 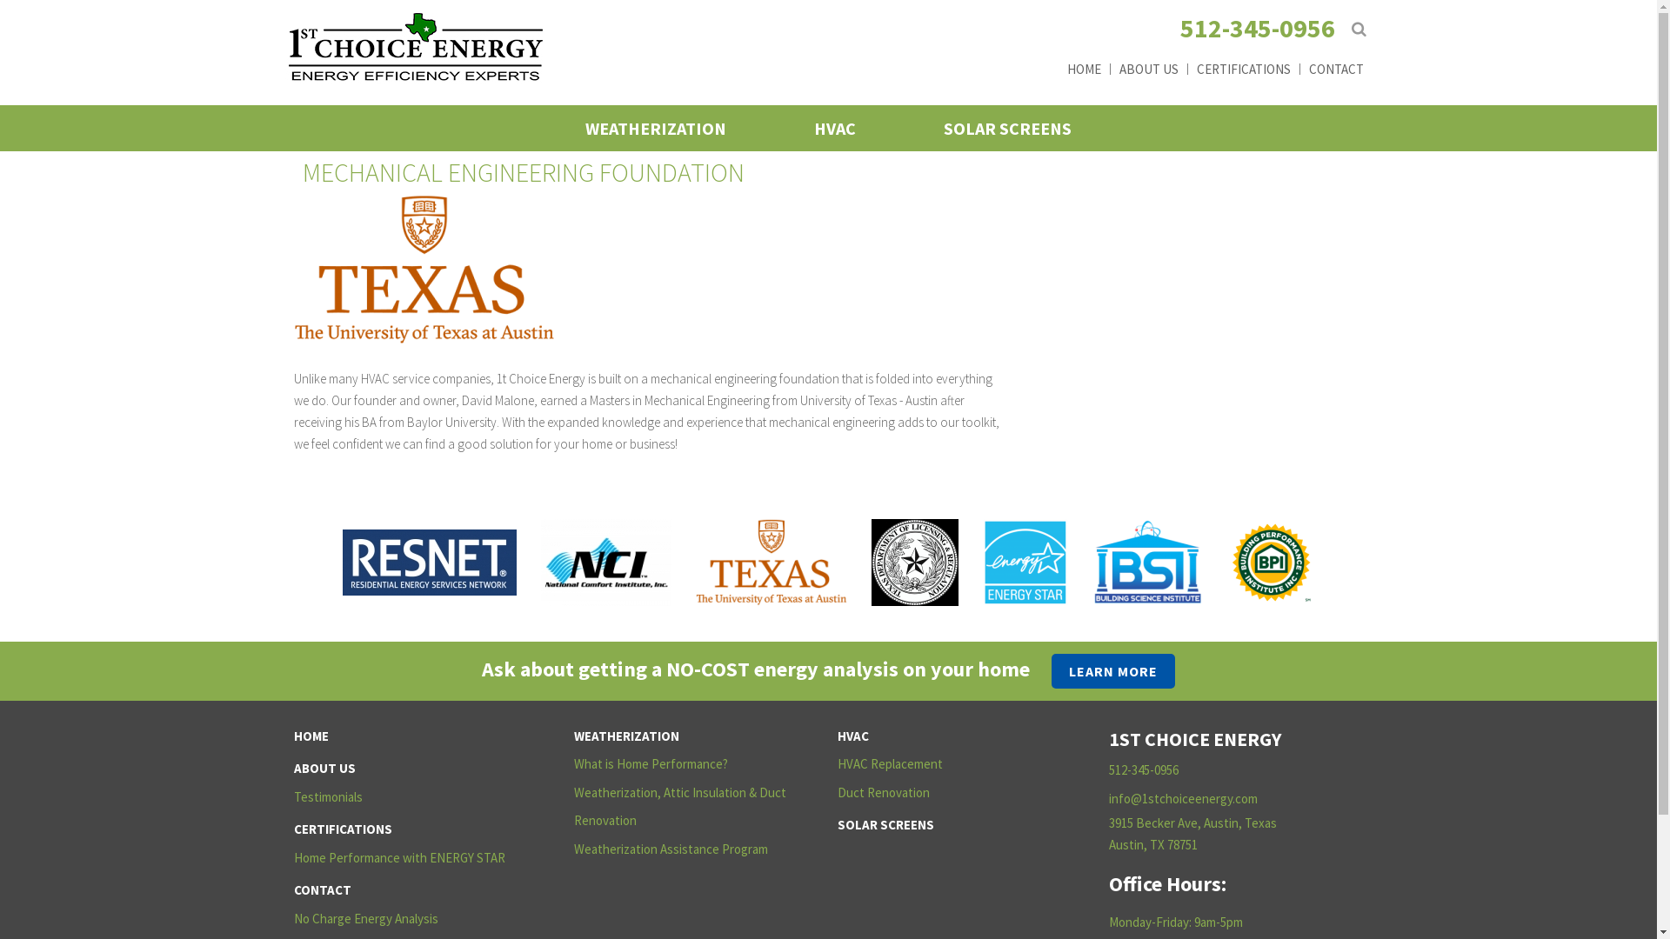 I want to click on 'SOLAR SCREENS', so click(x=1007, y=127).